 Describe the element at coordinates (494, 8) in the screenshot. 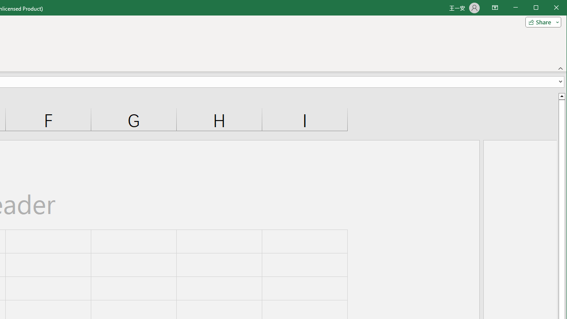

I see `'Ribbon Display Options'` at that location.